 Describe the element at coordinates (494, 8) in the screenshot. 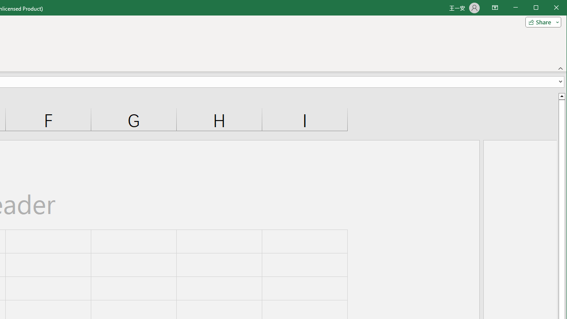

I see `'Ribbon Display Options'` at that location.